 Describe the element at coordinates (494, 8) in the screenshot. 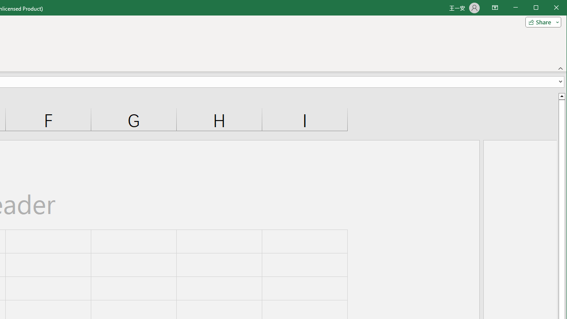

I see `'Ribbon Display Options'` at that location.